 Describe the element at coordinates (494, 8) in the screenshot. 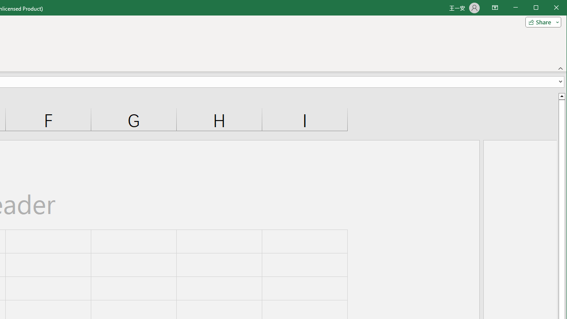

I see `'Ribbon Display Options'` at that location.